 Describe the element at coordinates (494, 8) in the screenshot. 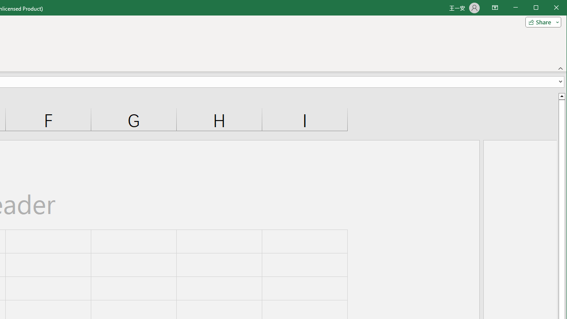

I see `'Ribbon Display Options'` at that location.